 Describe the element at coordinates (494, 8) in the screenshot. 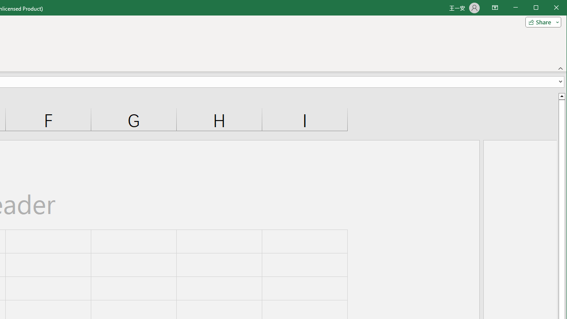

I see `'Ribbon Display Options'` at that location.